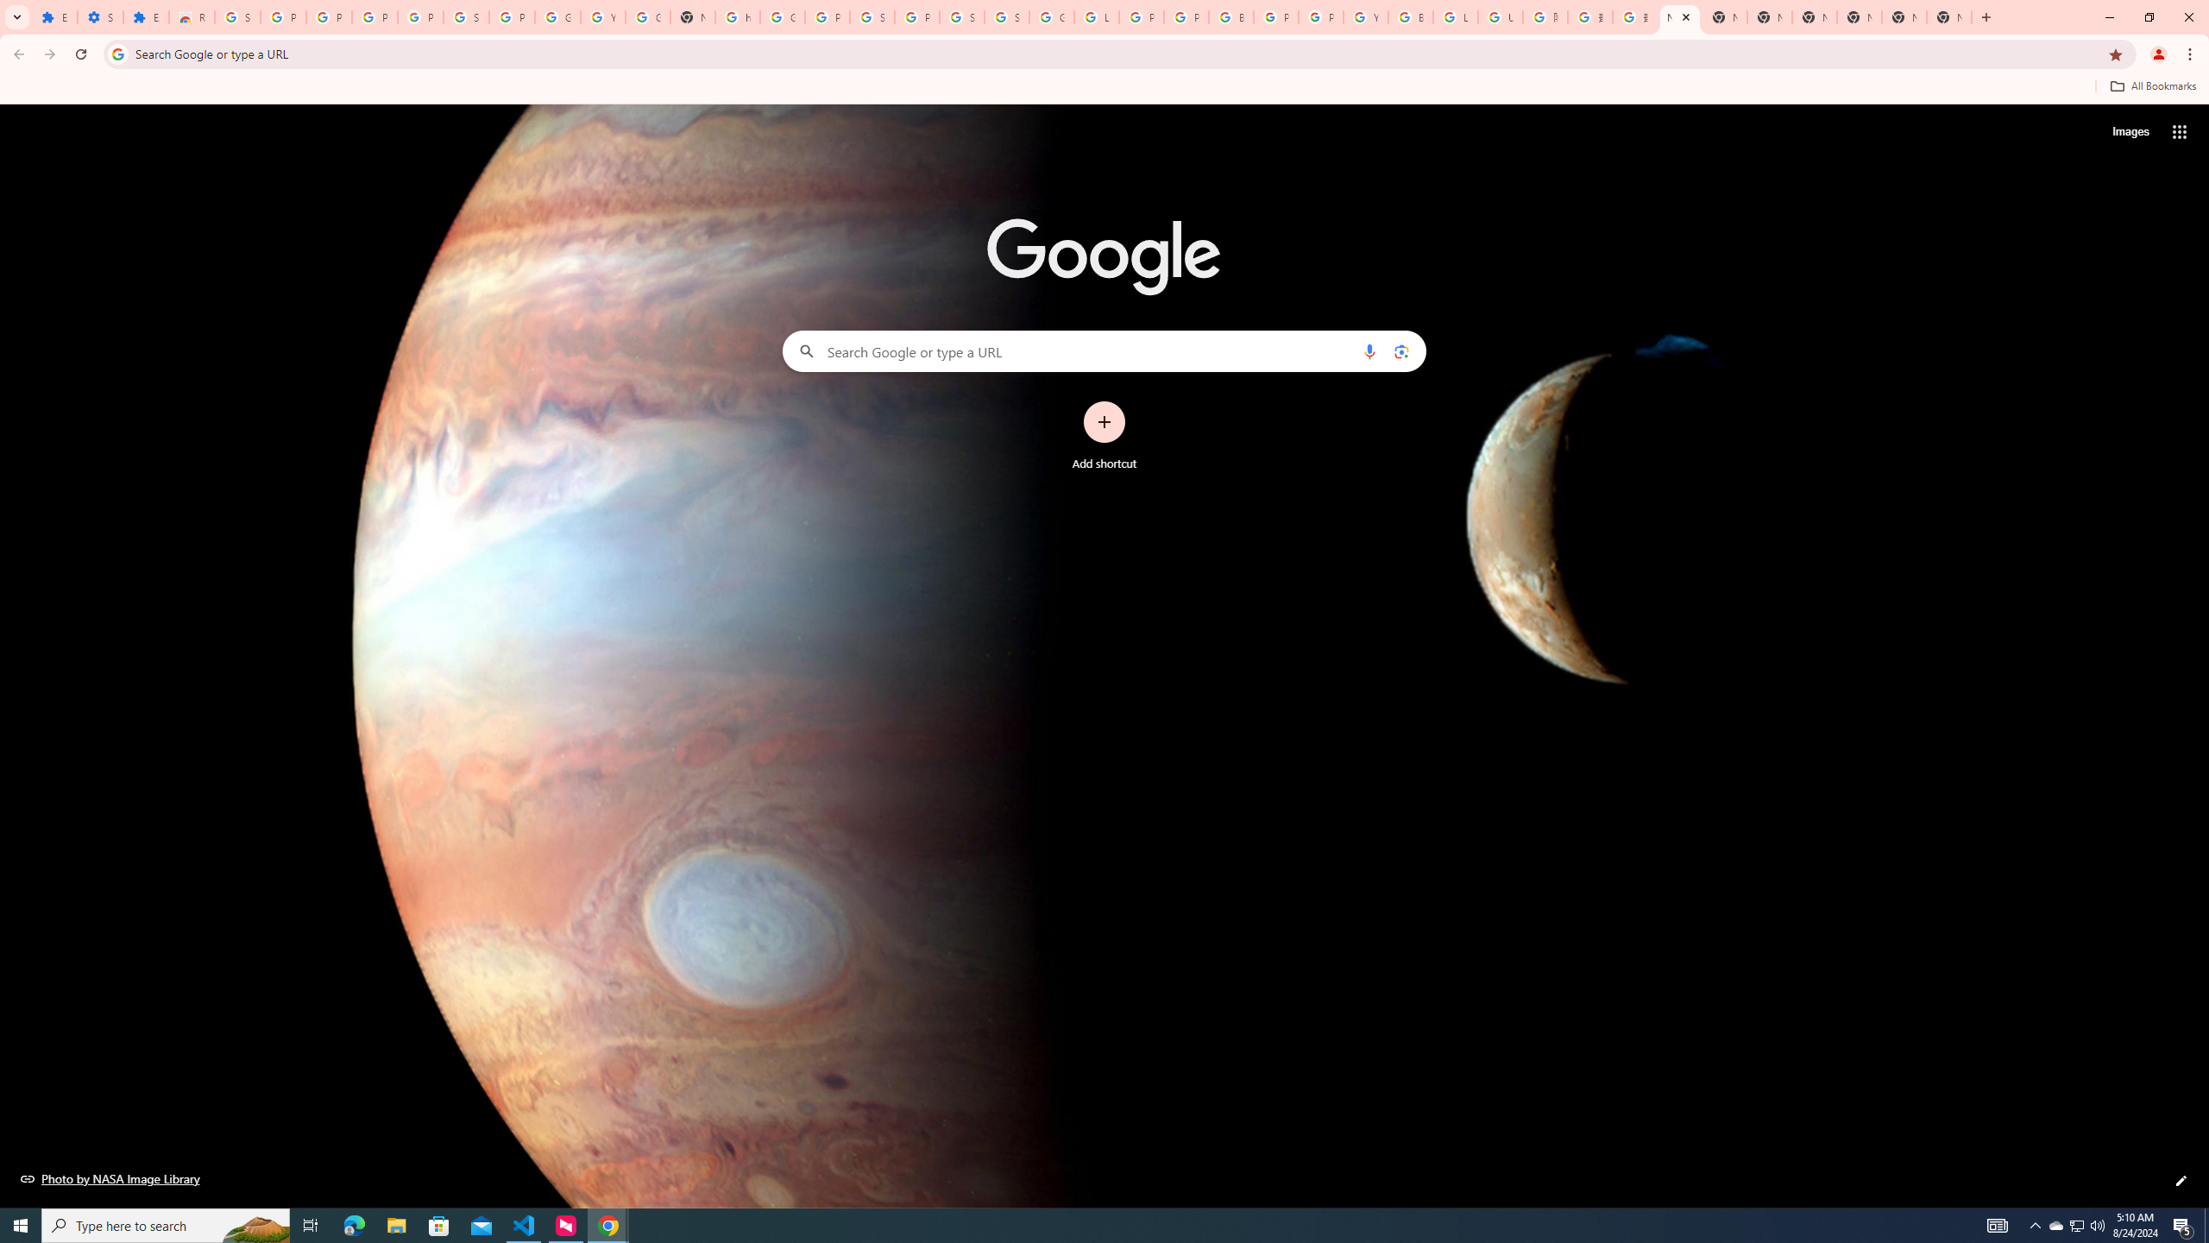 This screenshot has height=1243, width=2209. Describe the element at coordinates (1006, 16) in the screenshot. I see `'Sign in - Google Accounts'` at that location.